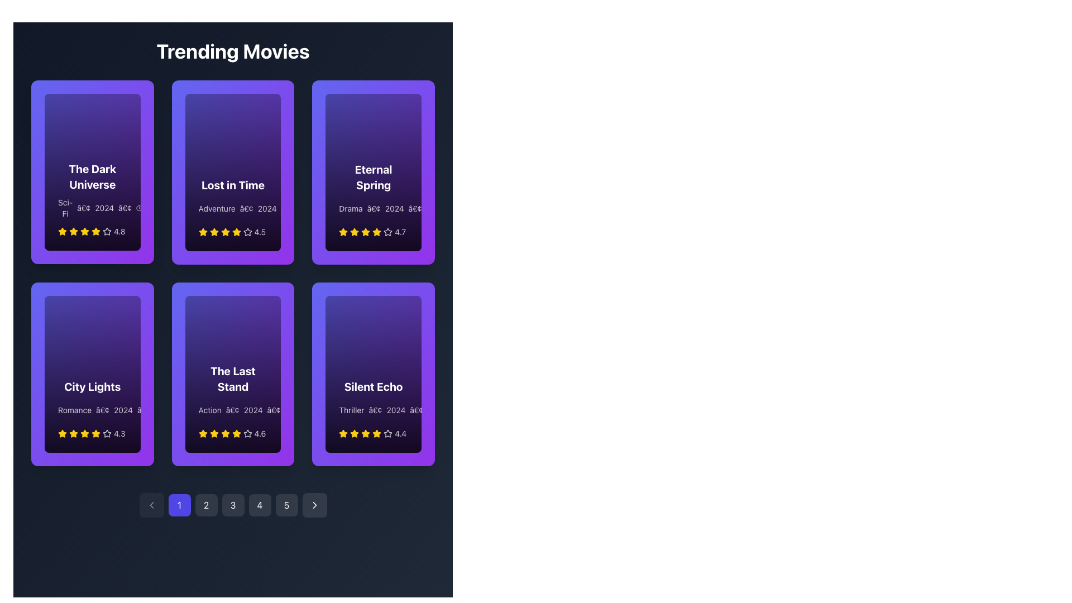 This screenshot has height=603, width=1072. I want to click on the fifth star in the rating component for the movie 'The Last Stand', which indicates a rating score of 4.6, so click(236, 433).